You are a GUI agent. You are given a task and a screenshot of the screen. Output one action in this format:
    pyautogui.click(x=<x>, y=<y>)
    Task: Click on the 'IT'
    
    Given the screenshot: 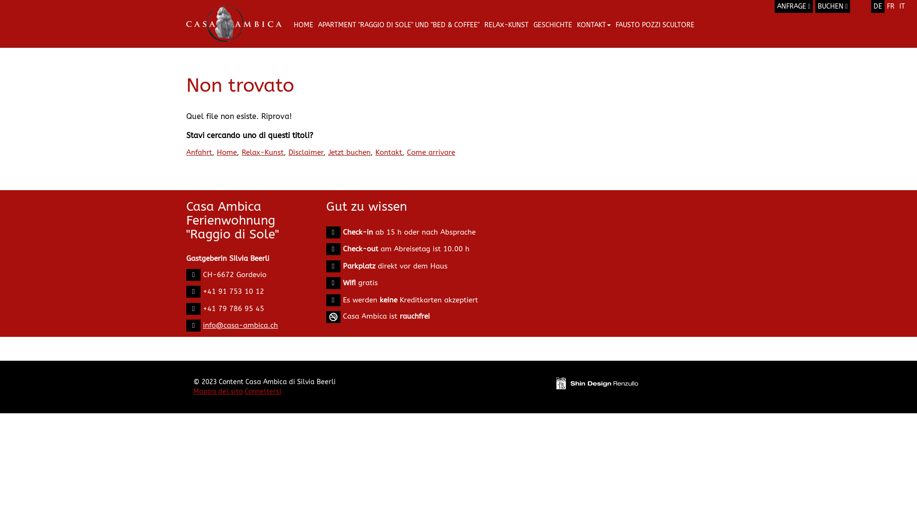 What is the action you would take?
    pyautogui.click(x=902, y=6)
    